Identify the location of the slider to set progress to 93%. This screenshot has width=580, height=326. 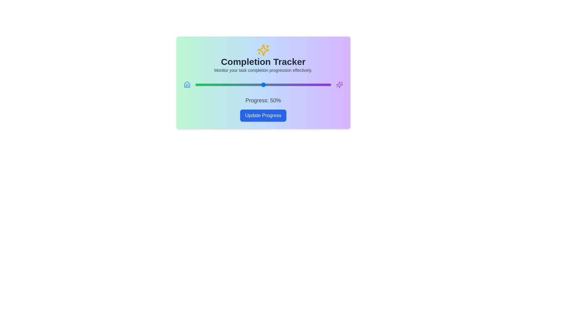
(321, 85).